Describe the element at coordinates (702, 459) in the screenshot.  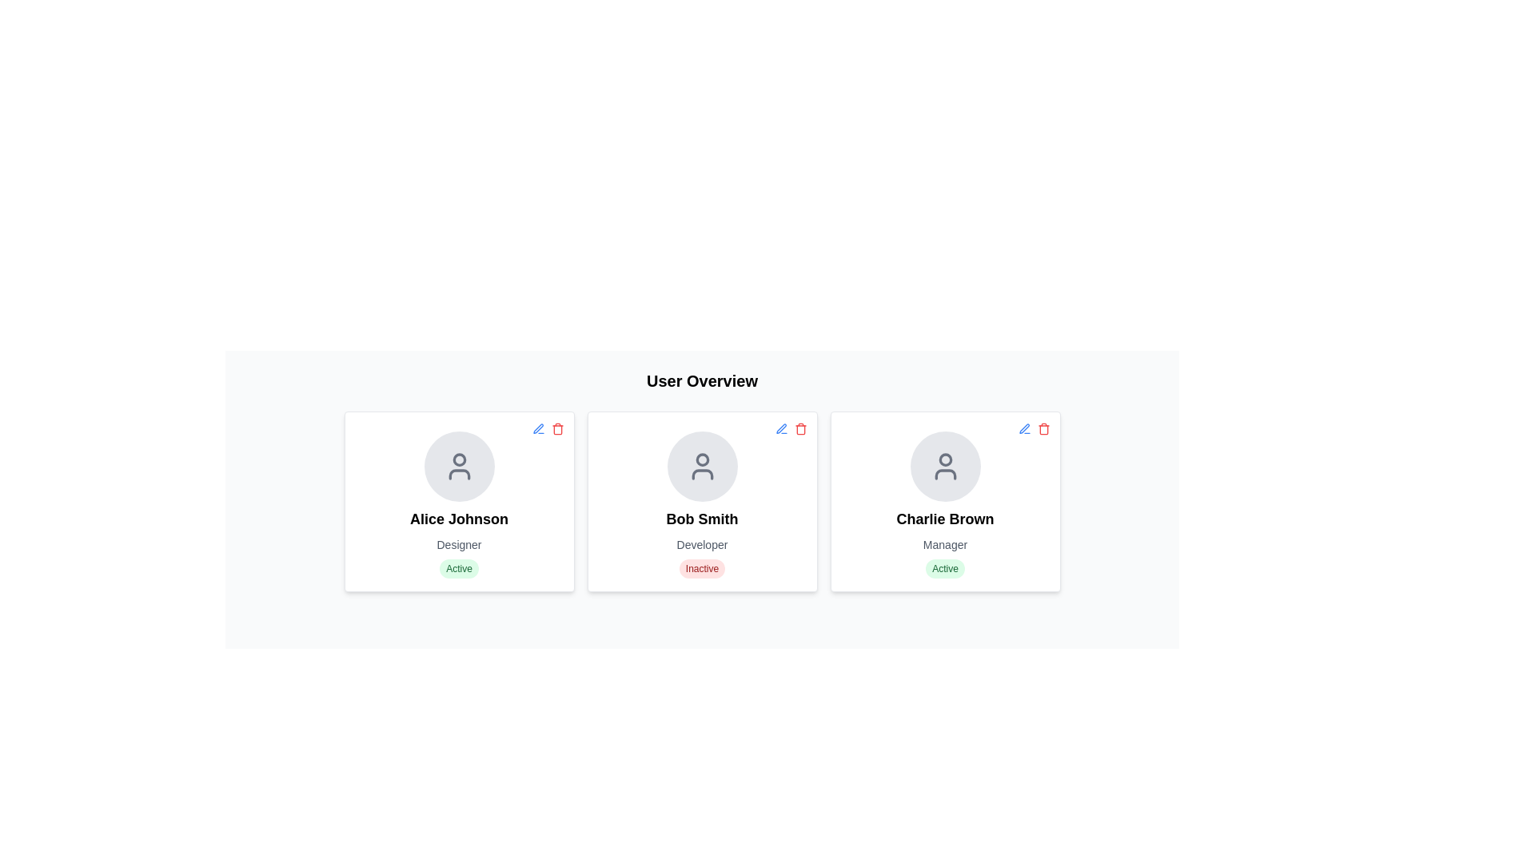
I see `the small circular graphical element located centrally within the user icon representing 'Bob Smith' at the top center of the card` at that location.